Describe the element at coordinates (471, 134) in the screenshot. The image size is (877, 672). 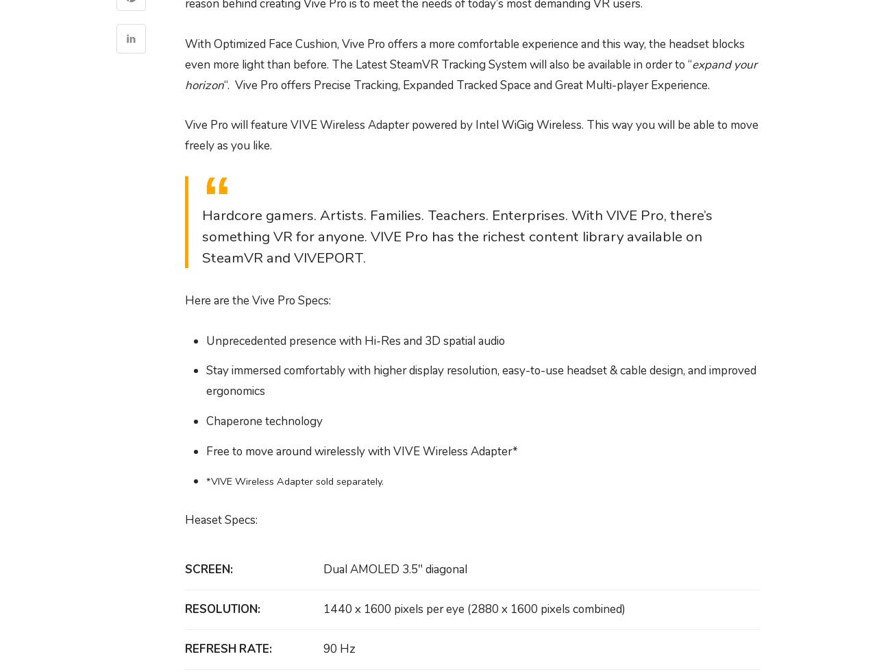
I see `'Vive Pro will feature VIVE Wireless Adapter powered by Intel WiGig Wireless. This way you will be able to move freely as you like.'` at that location.